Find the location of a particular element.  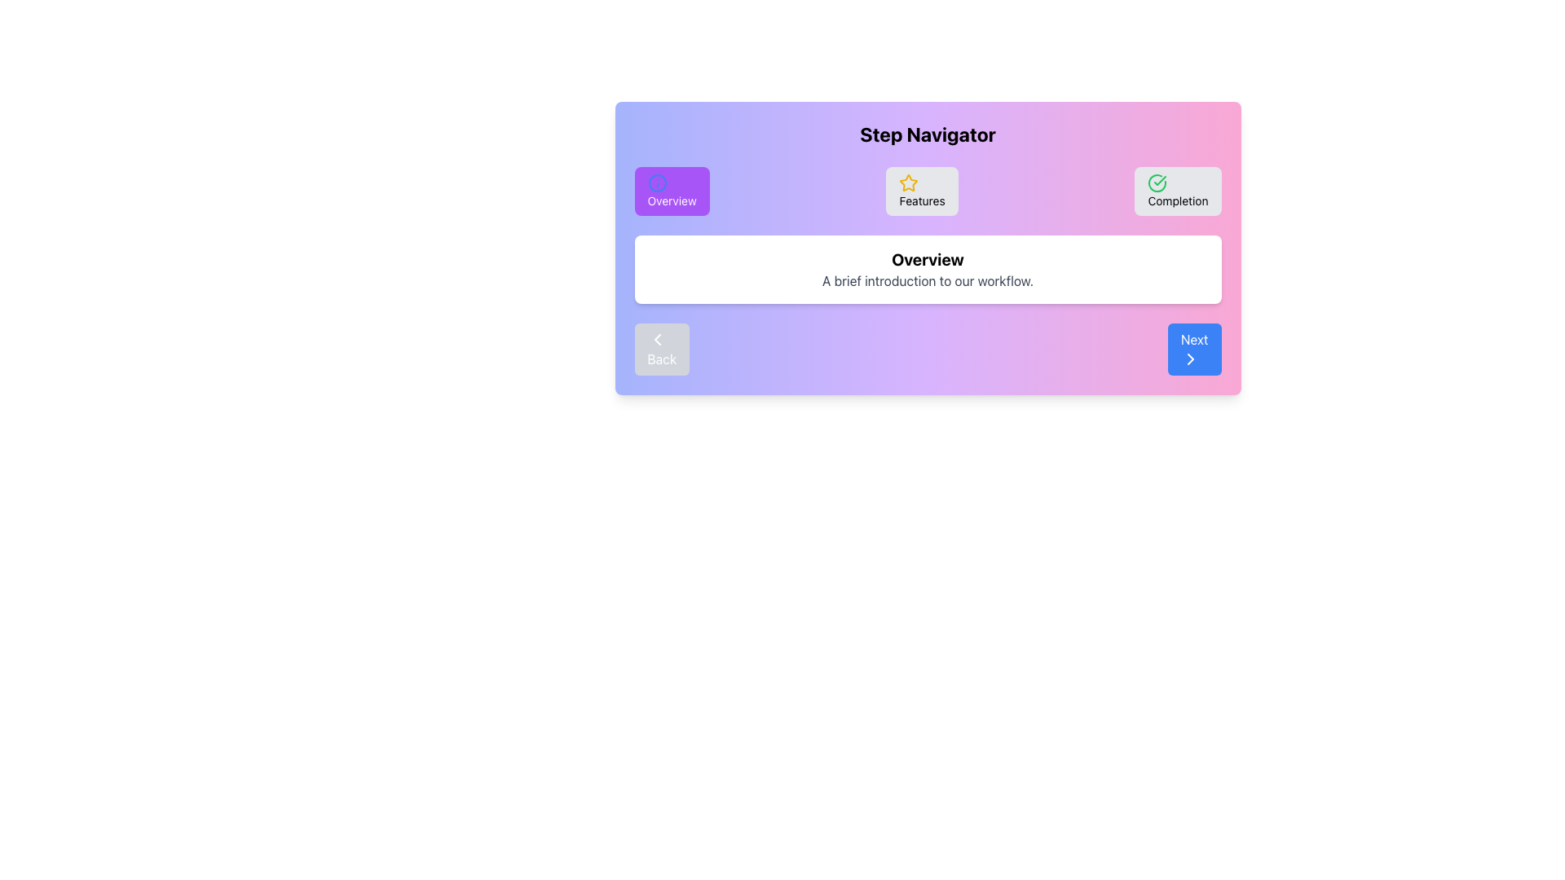

the star icon with a yellow outline that is positioned above the 'Overview' description box, centered horizontally between the 'Overview' and 'Completion' buttons for interaction is located at coordinates (908, 183).